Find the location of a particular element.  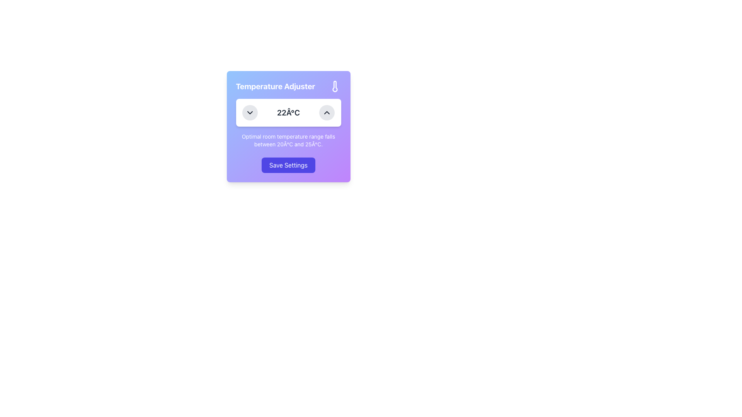

the chevron-up icon on the circular button located on the right side of the temperature control interface to increment the temperature is located at coordinates (327, 113).